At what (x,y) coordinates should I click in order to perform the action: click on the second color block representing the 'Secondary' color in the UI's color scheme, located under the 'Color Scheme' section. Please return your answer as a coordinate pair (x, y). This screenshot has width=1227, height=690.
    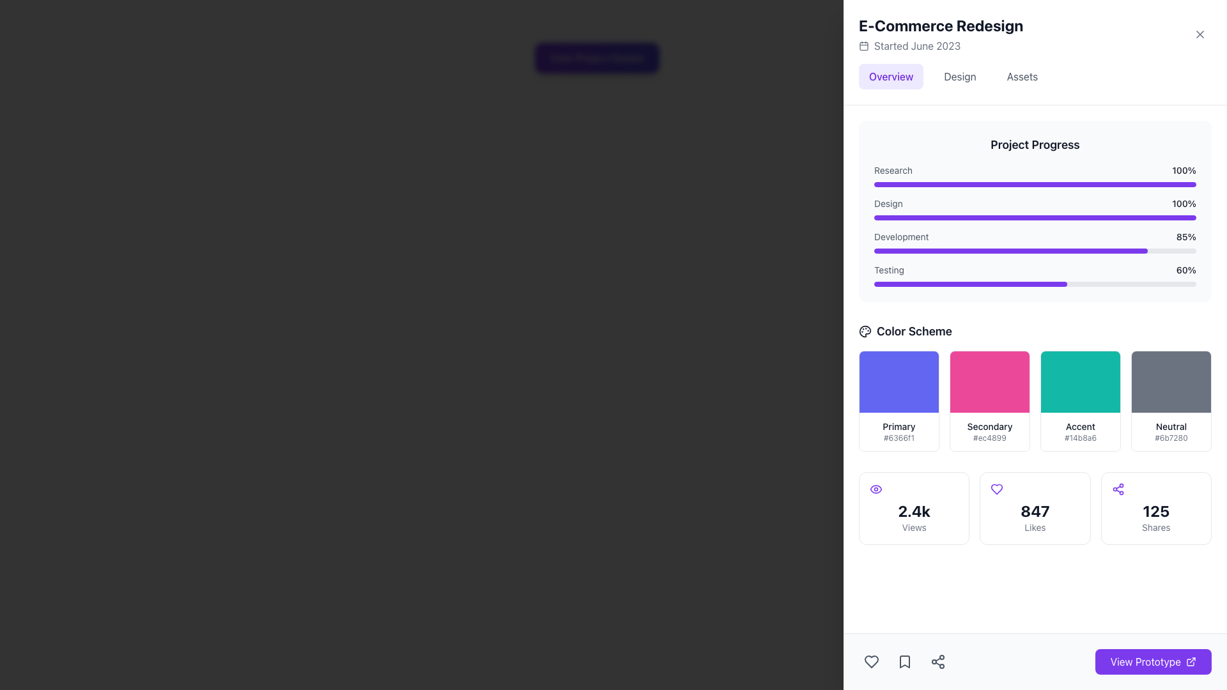
    Looking at the image, I should click on (989, 381).